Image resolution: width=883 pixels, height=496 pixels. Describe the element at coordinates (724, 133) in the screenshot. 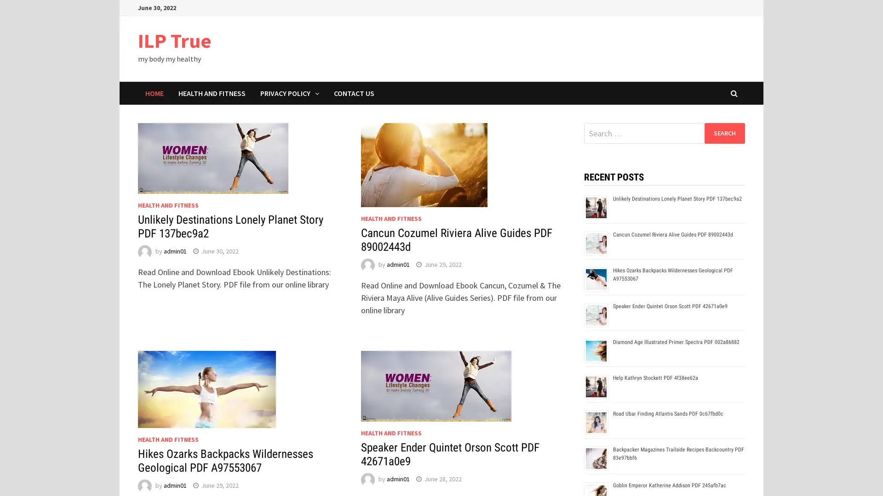

I see `Search` at that location.